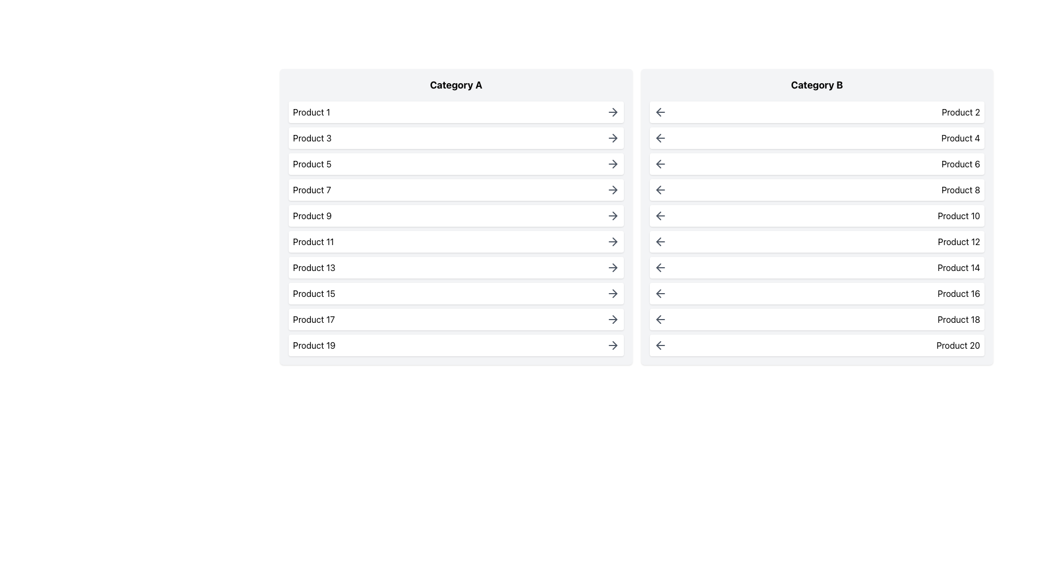 The image size is (1038, 583). Describe the element at coordinates (615, 112) in the screenshot. I see `keyboard navigation` at that location.